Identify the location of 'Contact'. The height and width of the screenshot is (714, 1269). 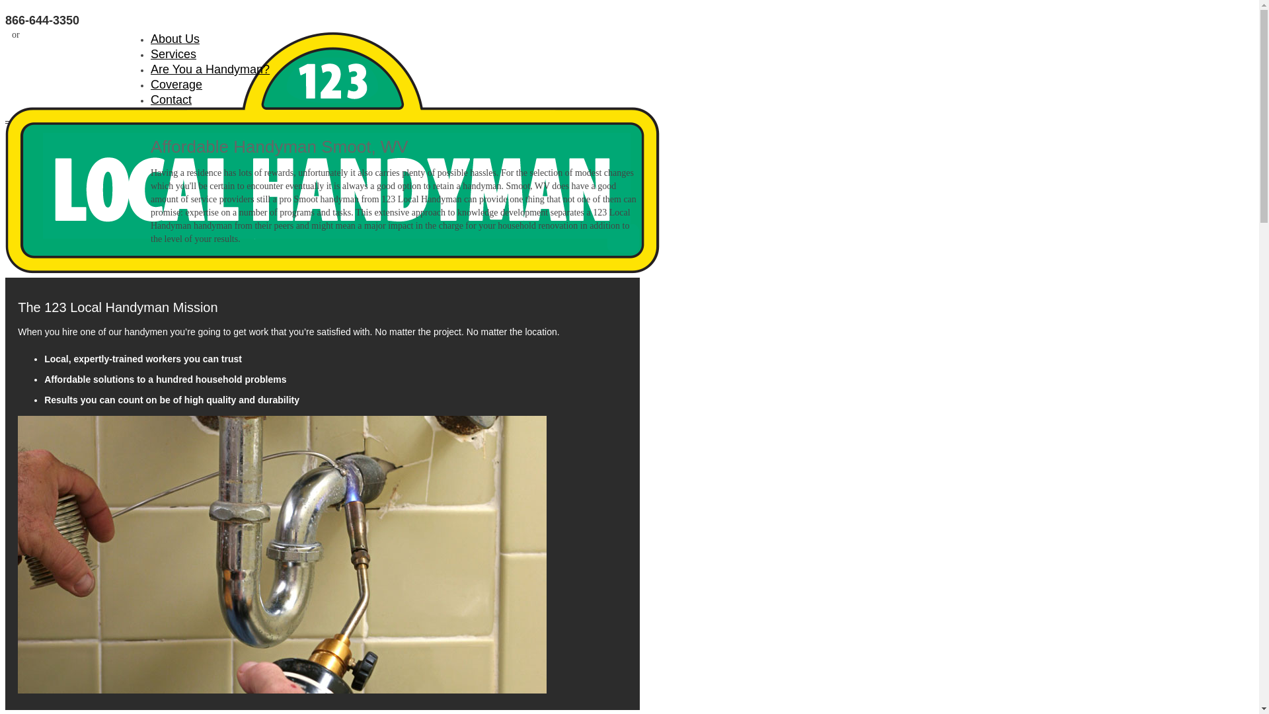
(171, 99).